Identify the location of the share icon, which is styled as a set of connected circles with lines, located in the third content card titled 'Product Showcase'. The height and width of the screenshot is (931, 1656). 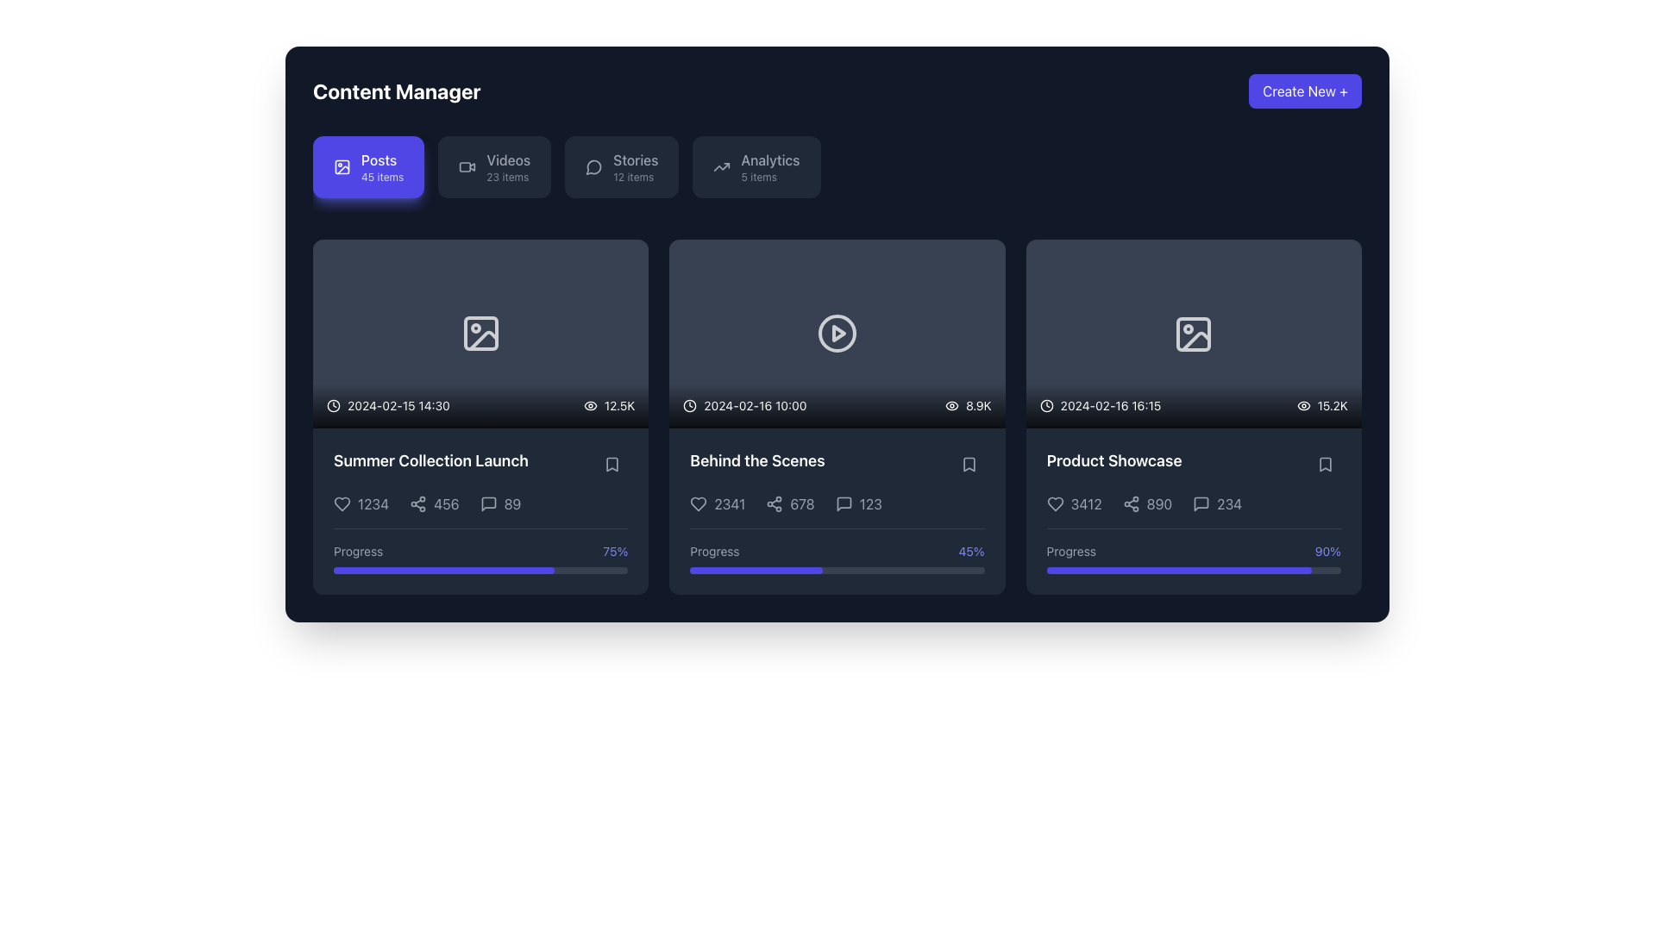
(1131, 504).